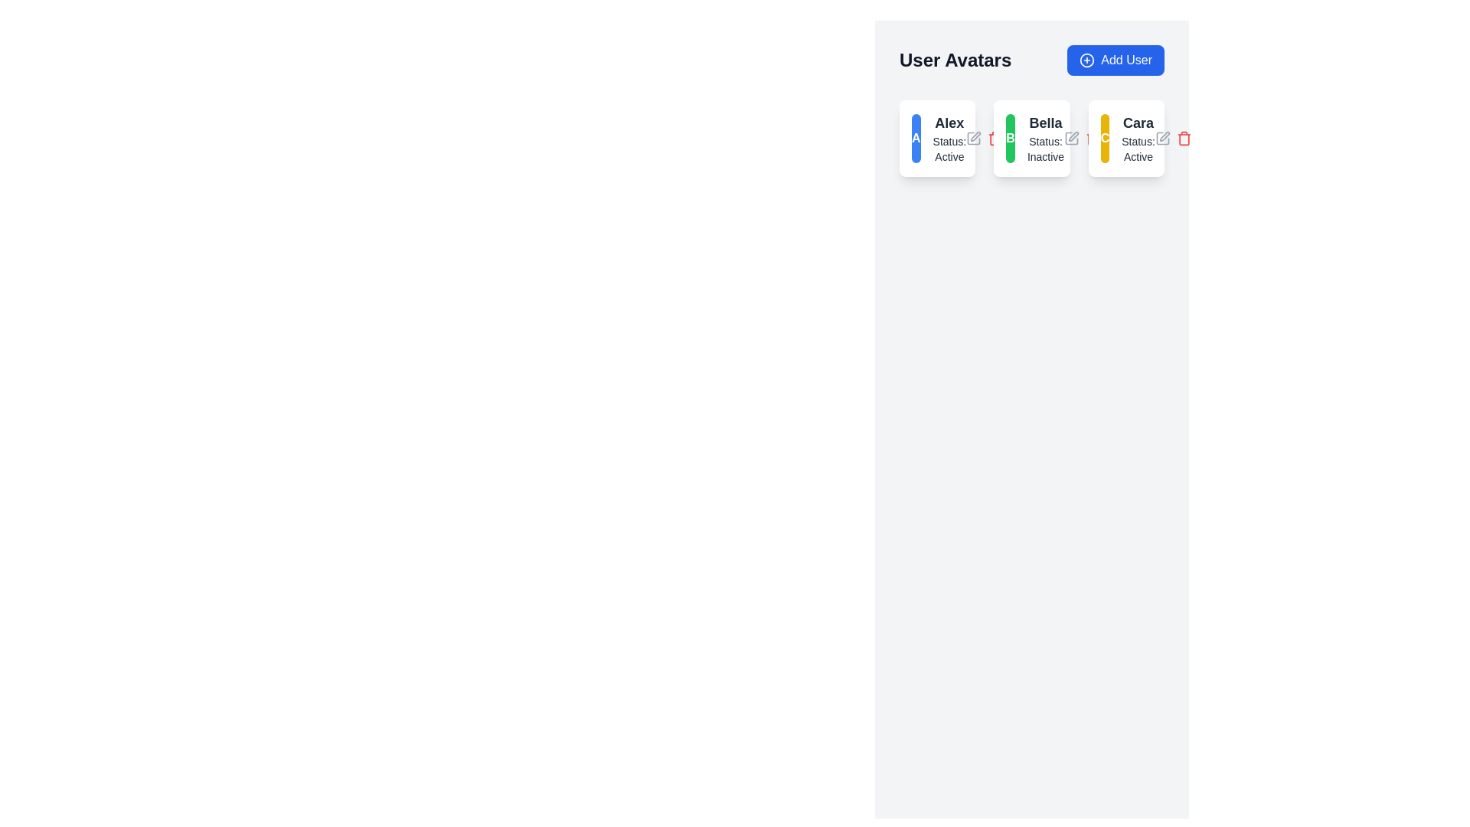  What do you see at coordinates (1138, 149) in the screenshot?
I see `status text label indicating that the user 'Cara' is currently active, located below the main title in the lower section of the card labeled with 'Cara'` at bounding box center [1138, 149].